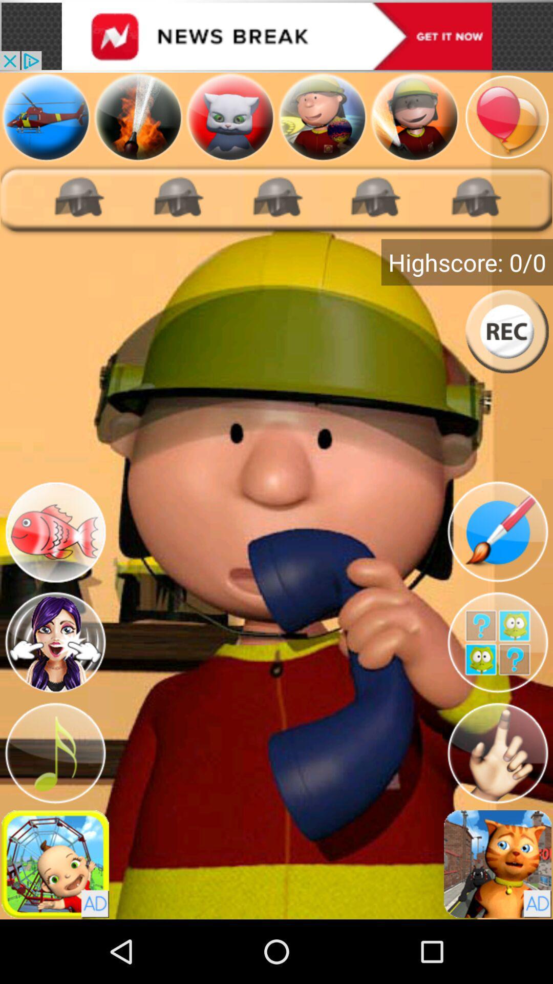  What do you see at coordinates (276, 36) in the screenshot?
I see `advertisement link to different site` at bounding box center [276, 36].